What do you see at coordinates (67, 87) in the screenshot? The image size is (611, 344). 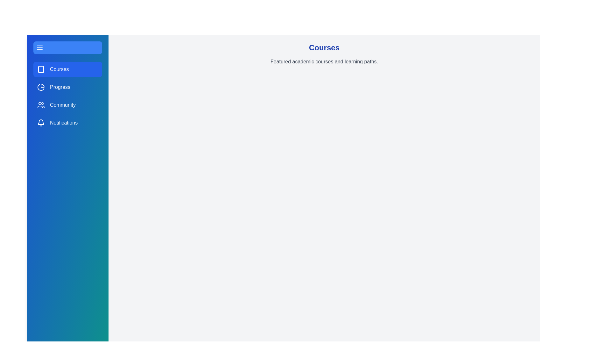 I see `the sidebar section Progress by clicking on its corresponding area` at bounding box center [67, 87].